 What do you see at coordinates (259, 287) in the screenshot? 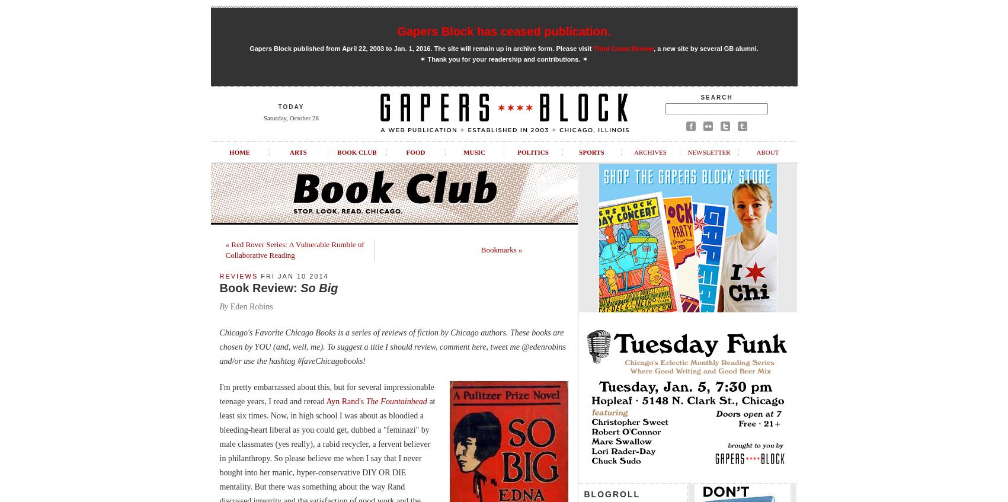
I see `'Book Review:'` at bounding box center [259, 287].